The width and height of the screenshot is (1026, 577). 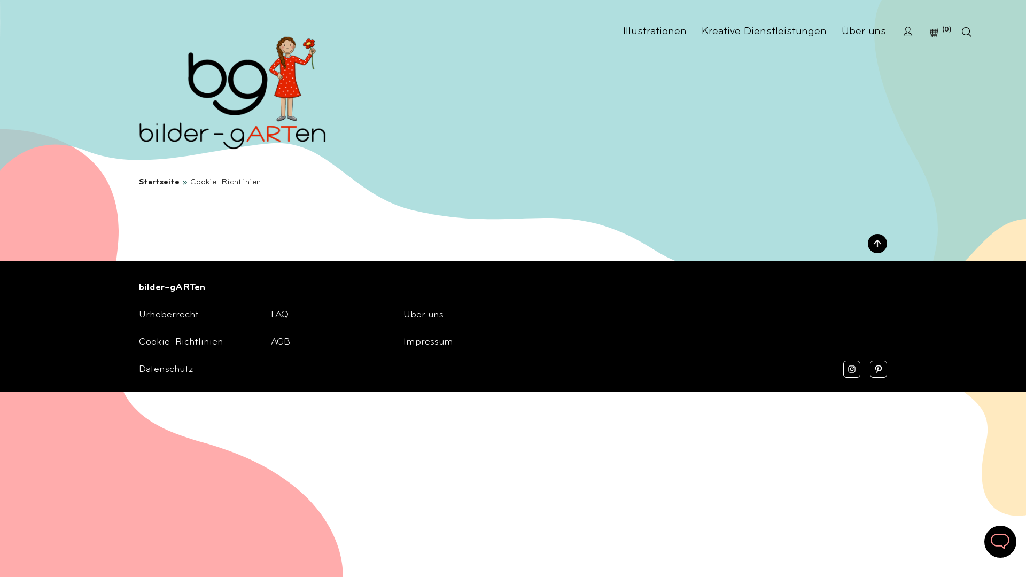 I want to click on 'Kreative Dienstleistungen', so click(x=764, y=32).